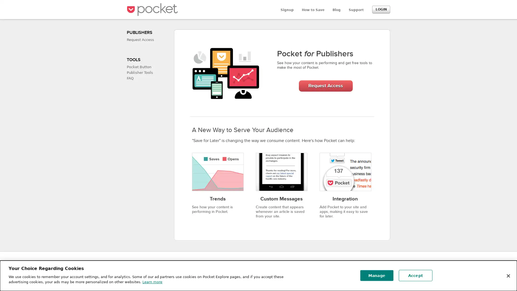  Describe the element at coordinates (415, 275) in the screenshot. I see `Accept` at that location.